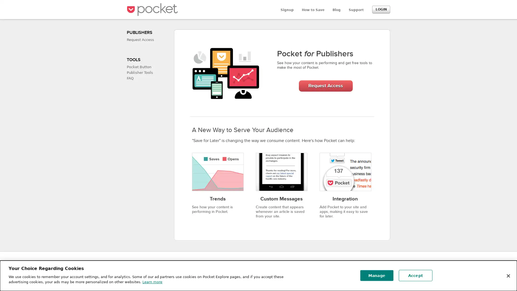  Describe the element at coordinates (415, 275) in the screenshot. I see `Accept` at that location.